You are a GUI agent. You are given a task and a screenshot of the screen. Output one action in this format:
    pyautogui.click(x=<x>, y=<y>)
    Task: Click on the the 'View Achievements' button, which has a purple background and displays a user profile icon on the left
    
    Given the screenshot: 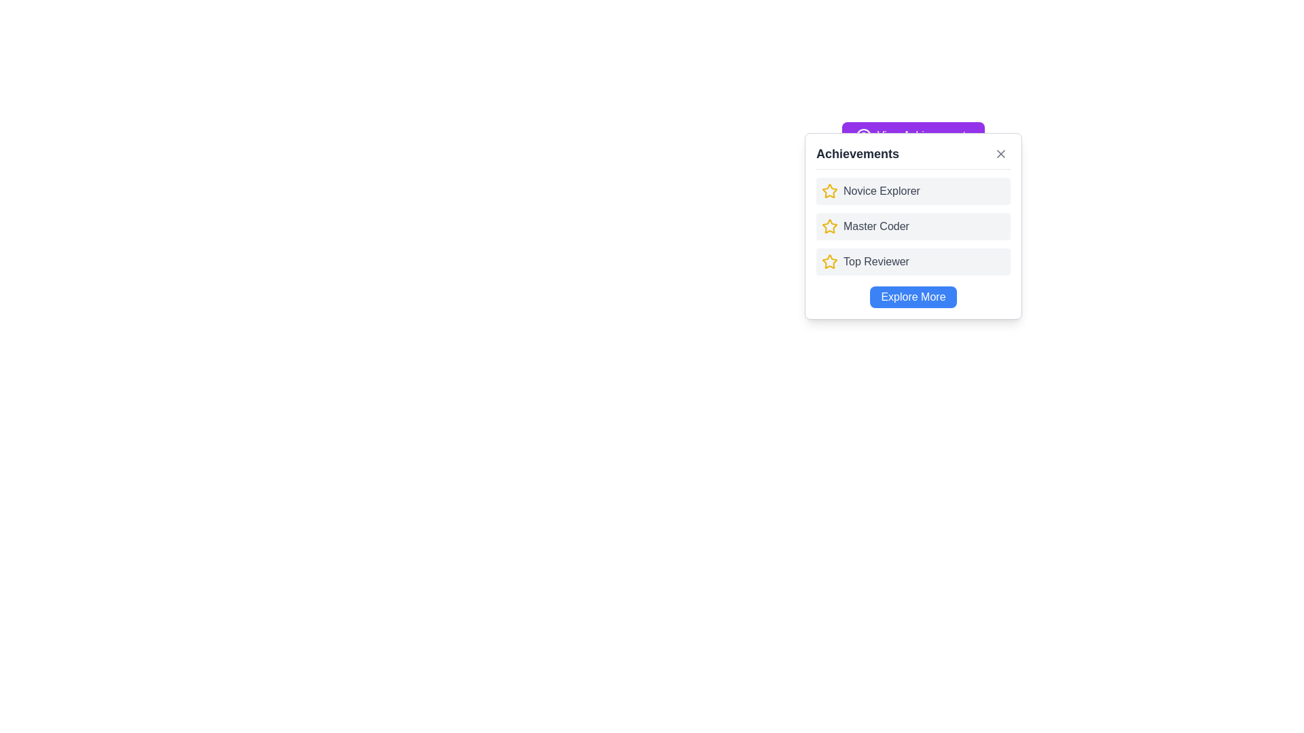 What is the action you would take?
    pyautogui.click(x=913, y=136)
    